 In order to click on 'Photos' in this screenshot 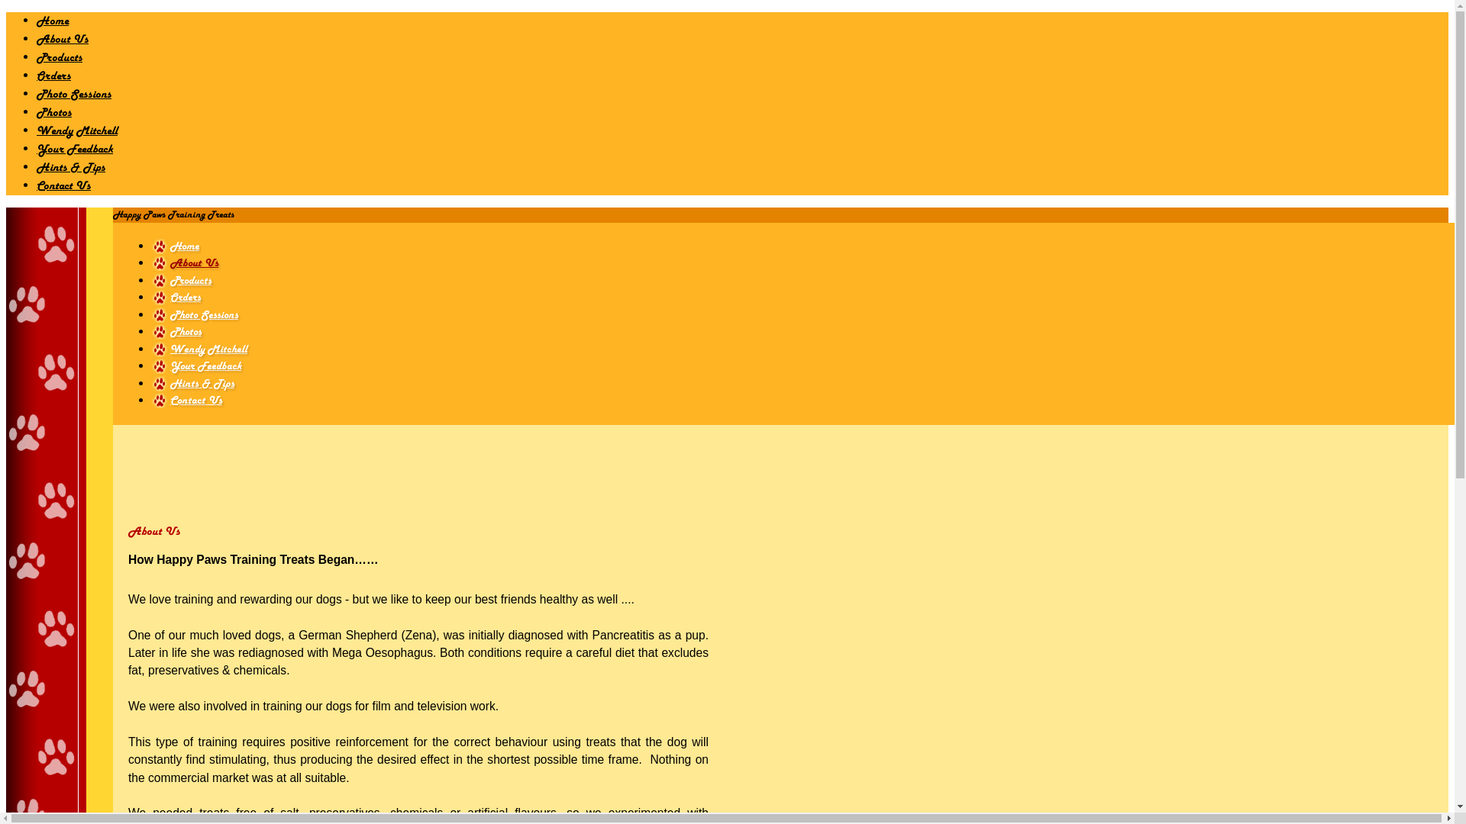, I will do `click(54, 111)`.